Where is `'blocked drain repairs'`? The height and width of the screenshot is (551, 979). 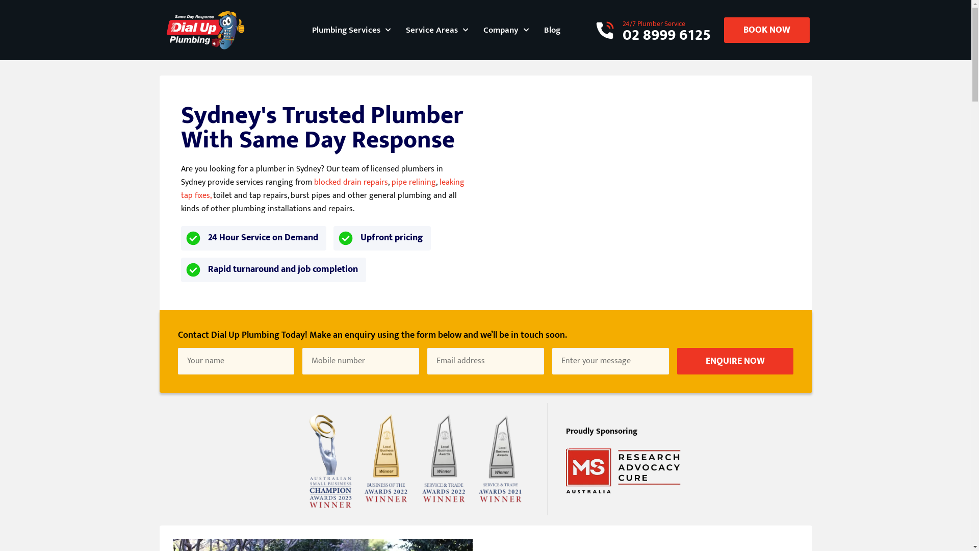 'blocked drain repairs' is located at coordinates (351, 182).